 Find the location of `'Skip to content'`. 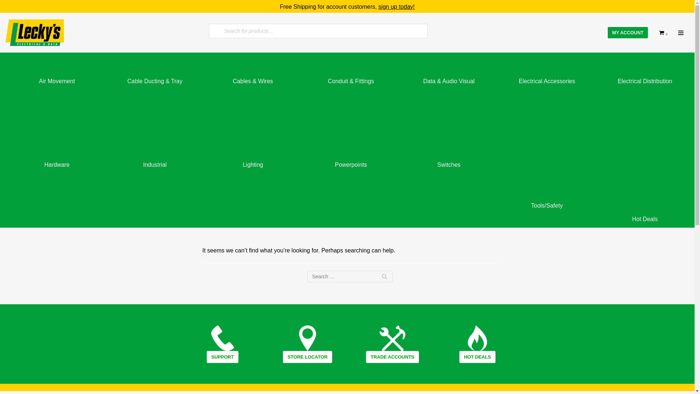

'Skip to content' is located at coordinates (7, 15).